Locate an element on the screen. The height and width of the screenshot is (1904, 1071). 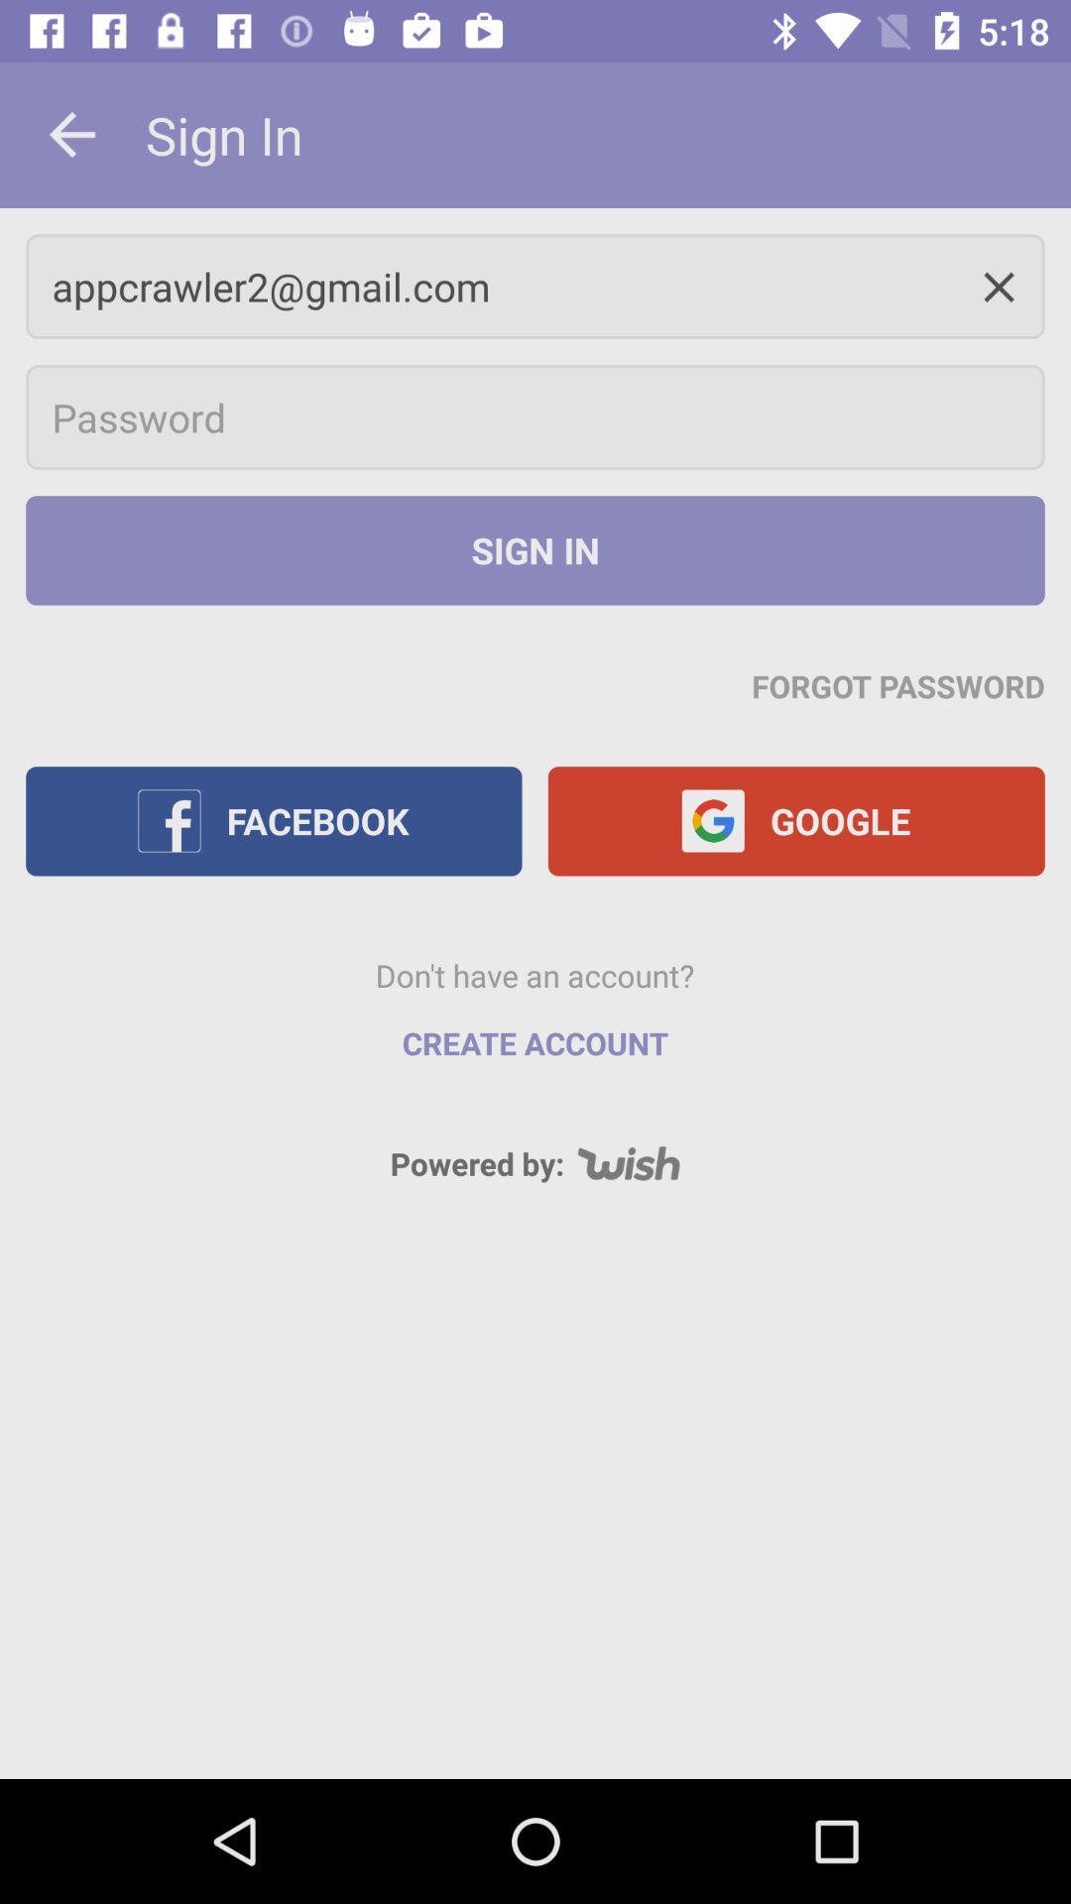
item below the sign in is located at coordinates (535, 286).